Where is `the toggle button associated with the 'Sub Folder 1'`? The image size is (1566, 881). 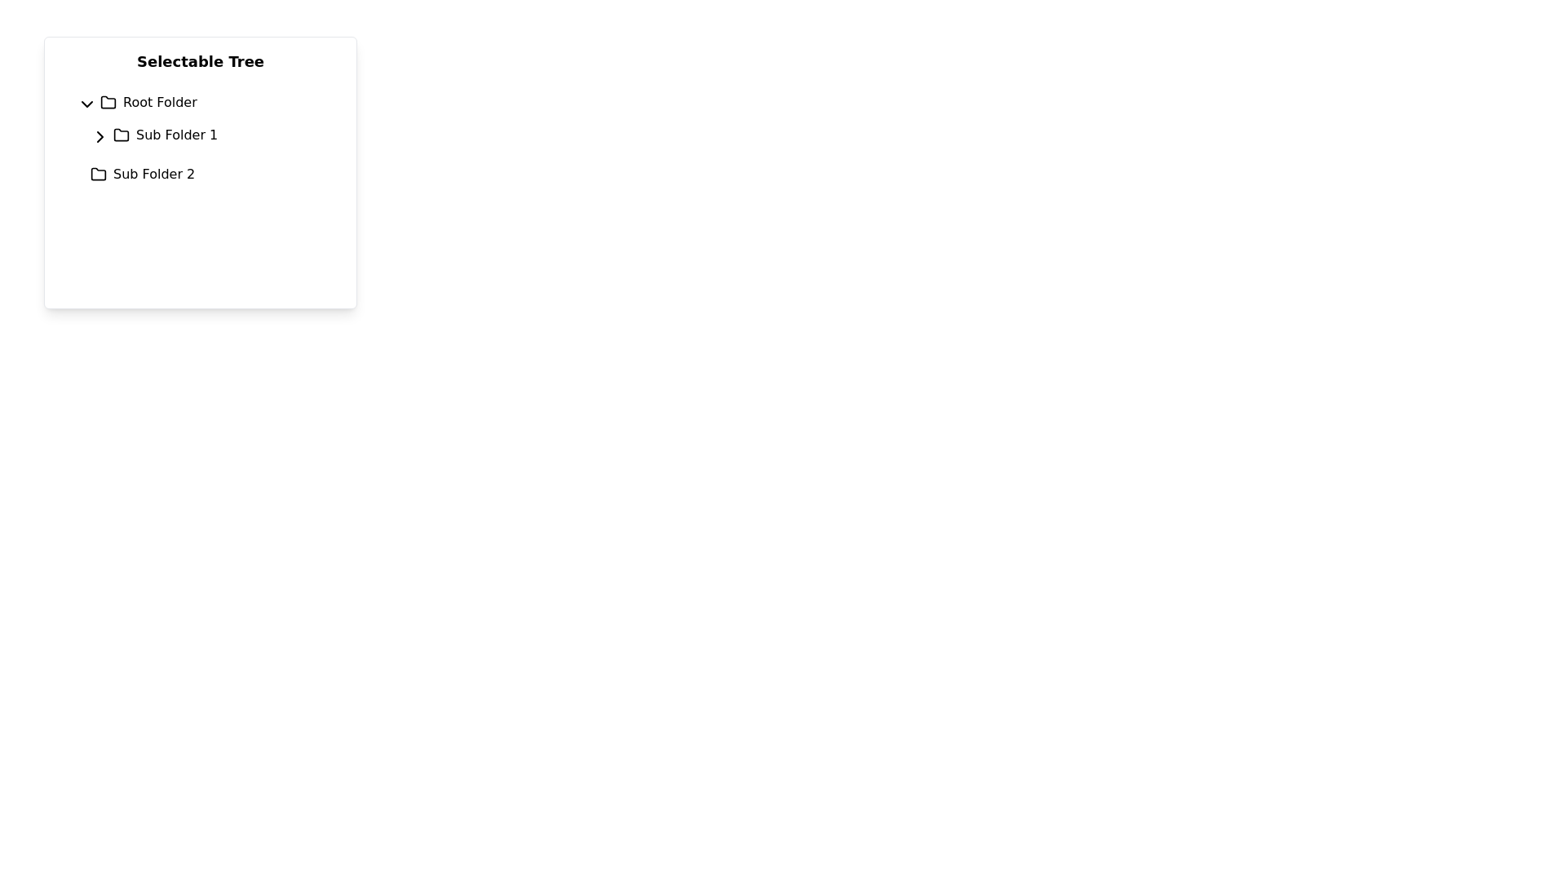 the toggle button associated with the 'Sub Folder 1' is located at coordinates (97, 134).